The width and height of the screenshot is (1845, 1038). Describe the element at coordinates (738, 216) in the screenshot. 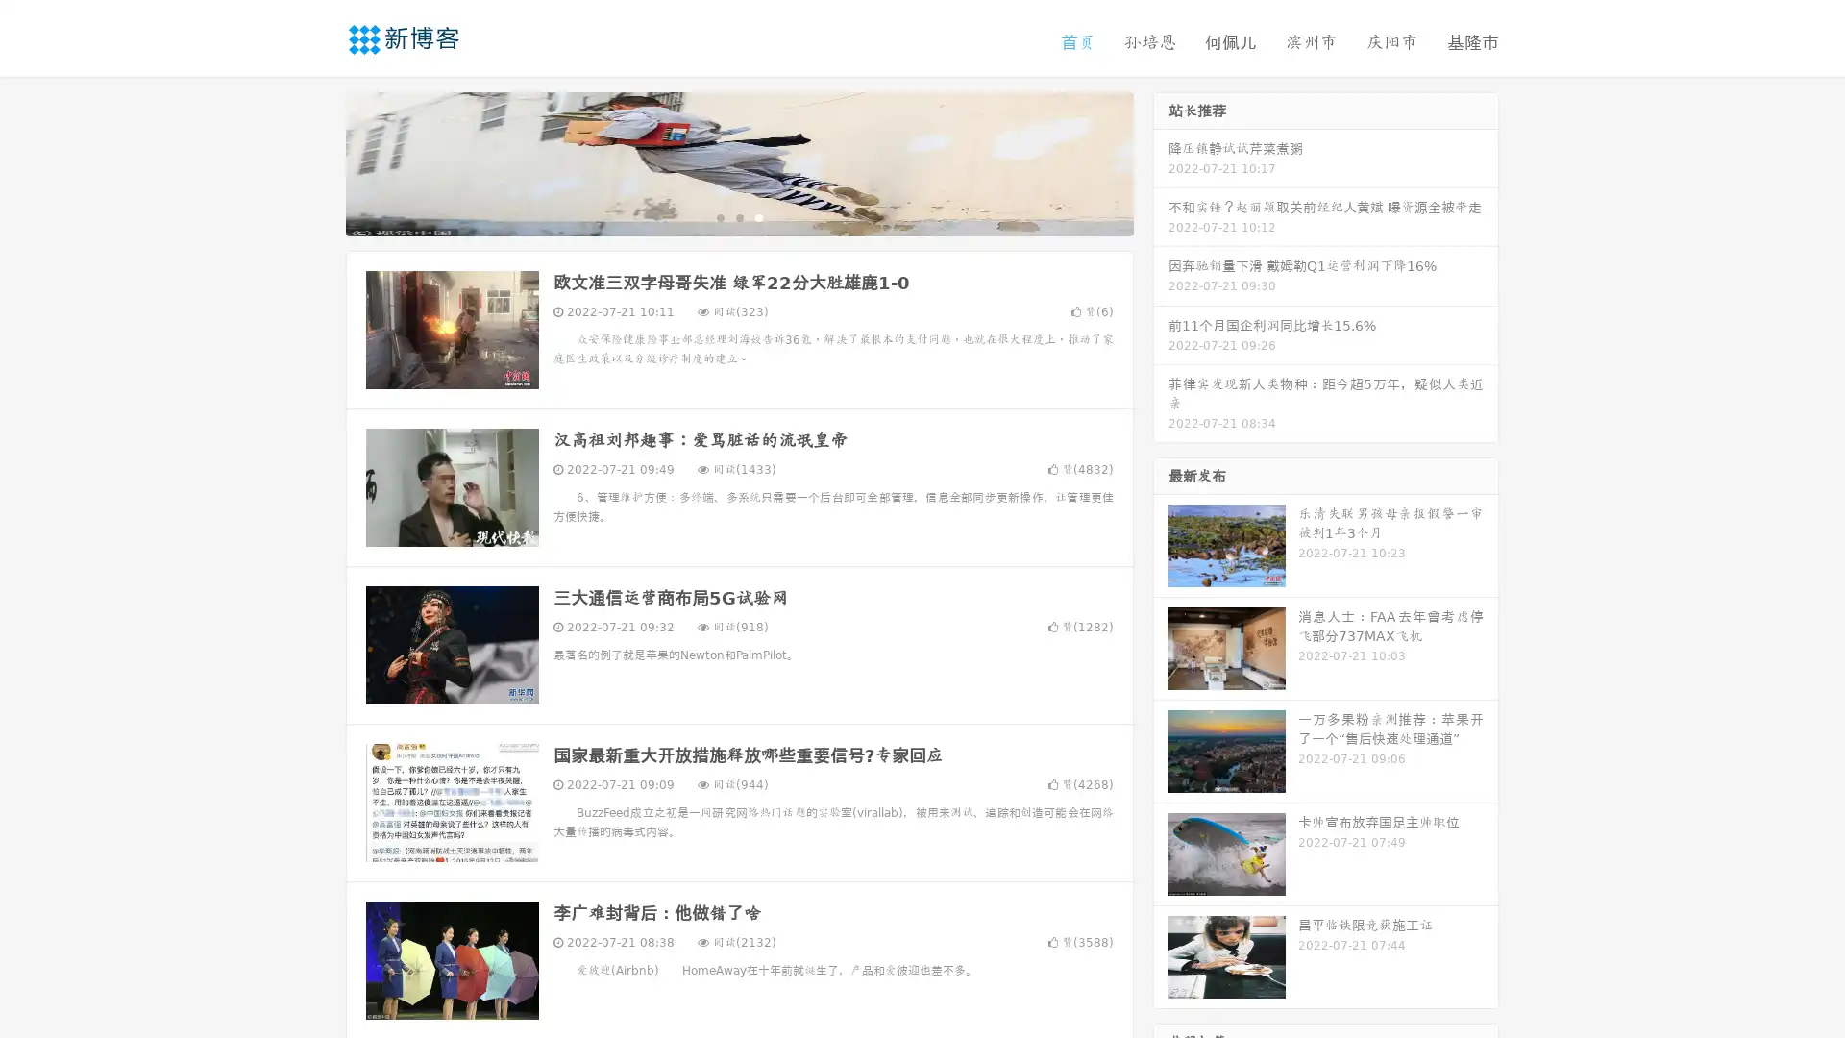

I see `Go to slide 2` at that location.